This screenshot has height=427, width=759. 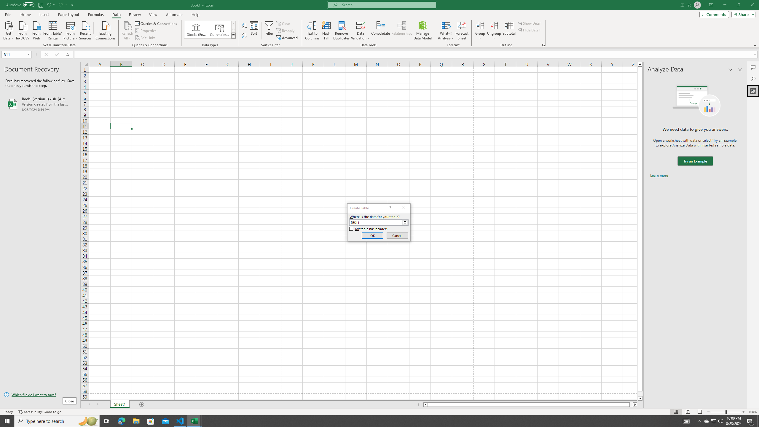 I want to click on 'Restore Down', so click(x=738, y=5).